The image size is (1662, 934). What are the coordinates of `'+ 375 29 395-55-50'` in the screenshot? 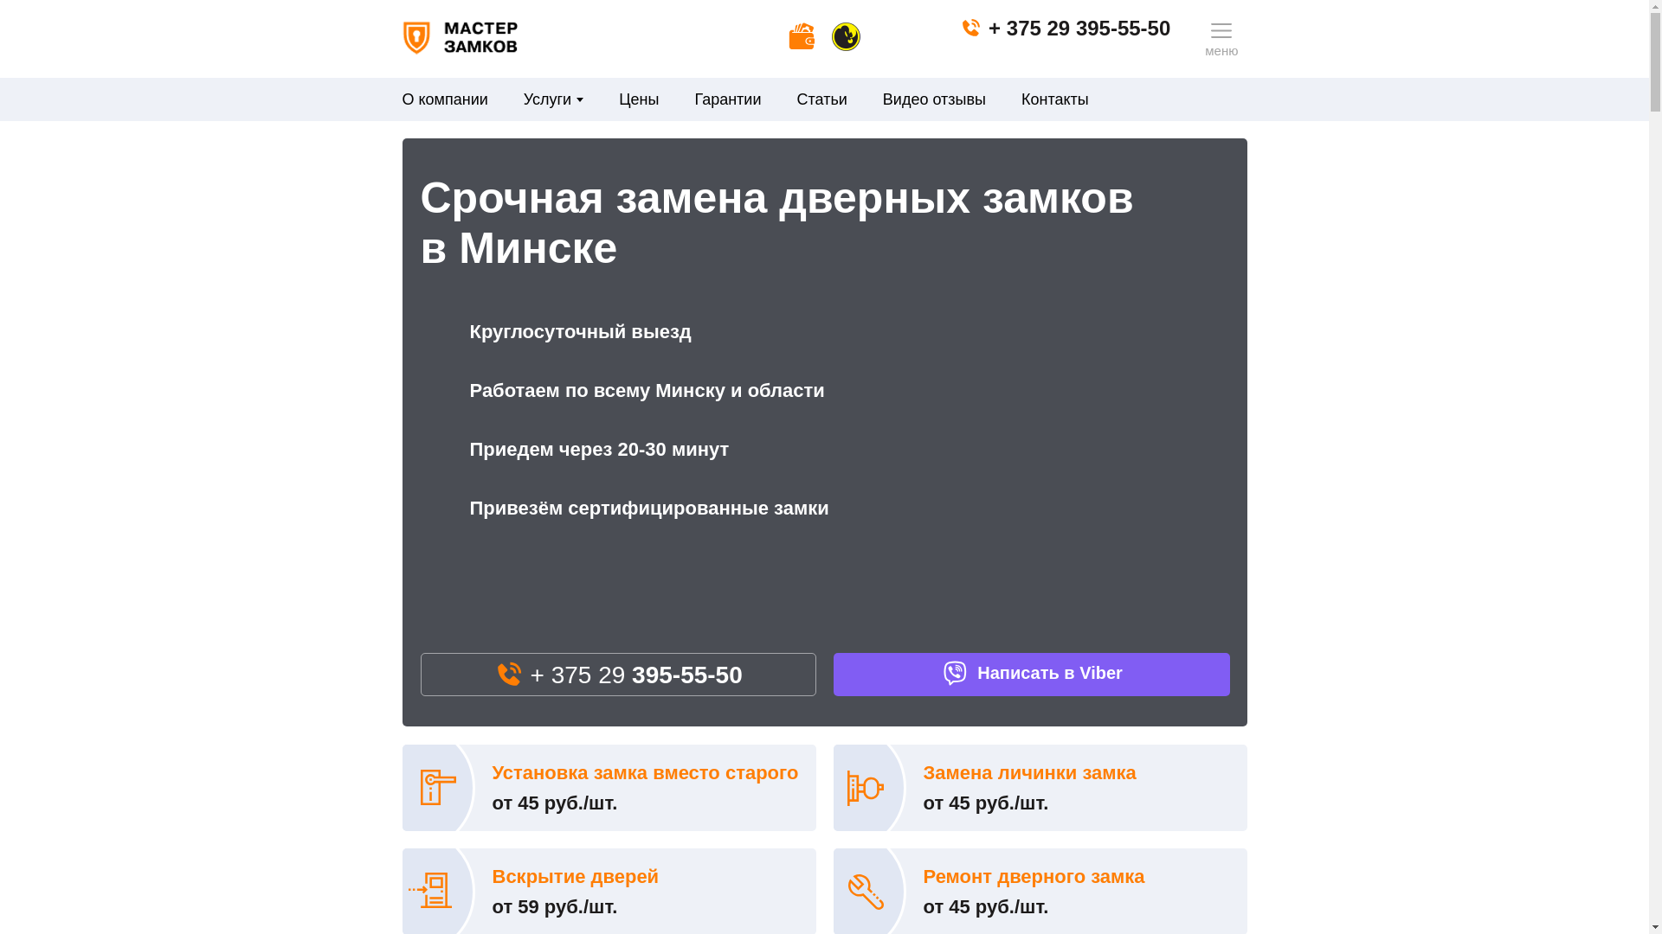 It's located at (1064, 28).